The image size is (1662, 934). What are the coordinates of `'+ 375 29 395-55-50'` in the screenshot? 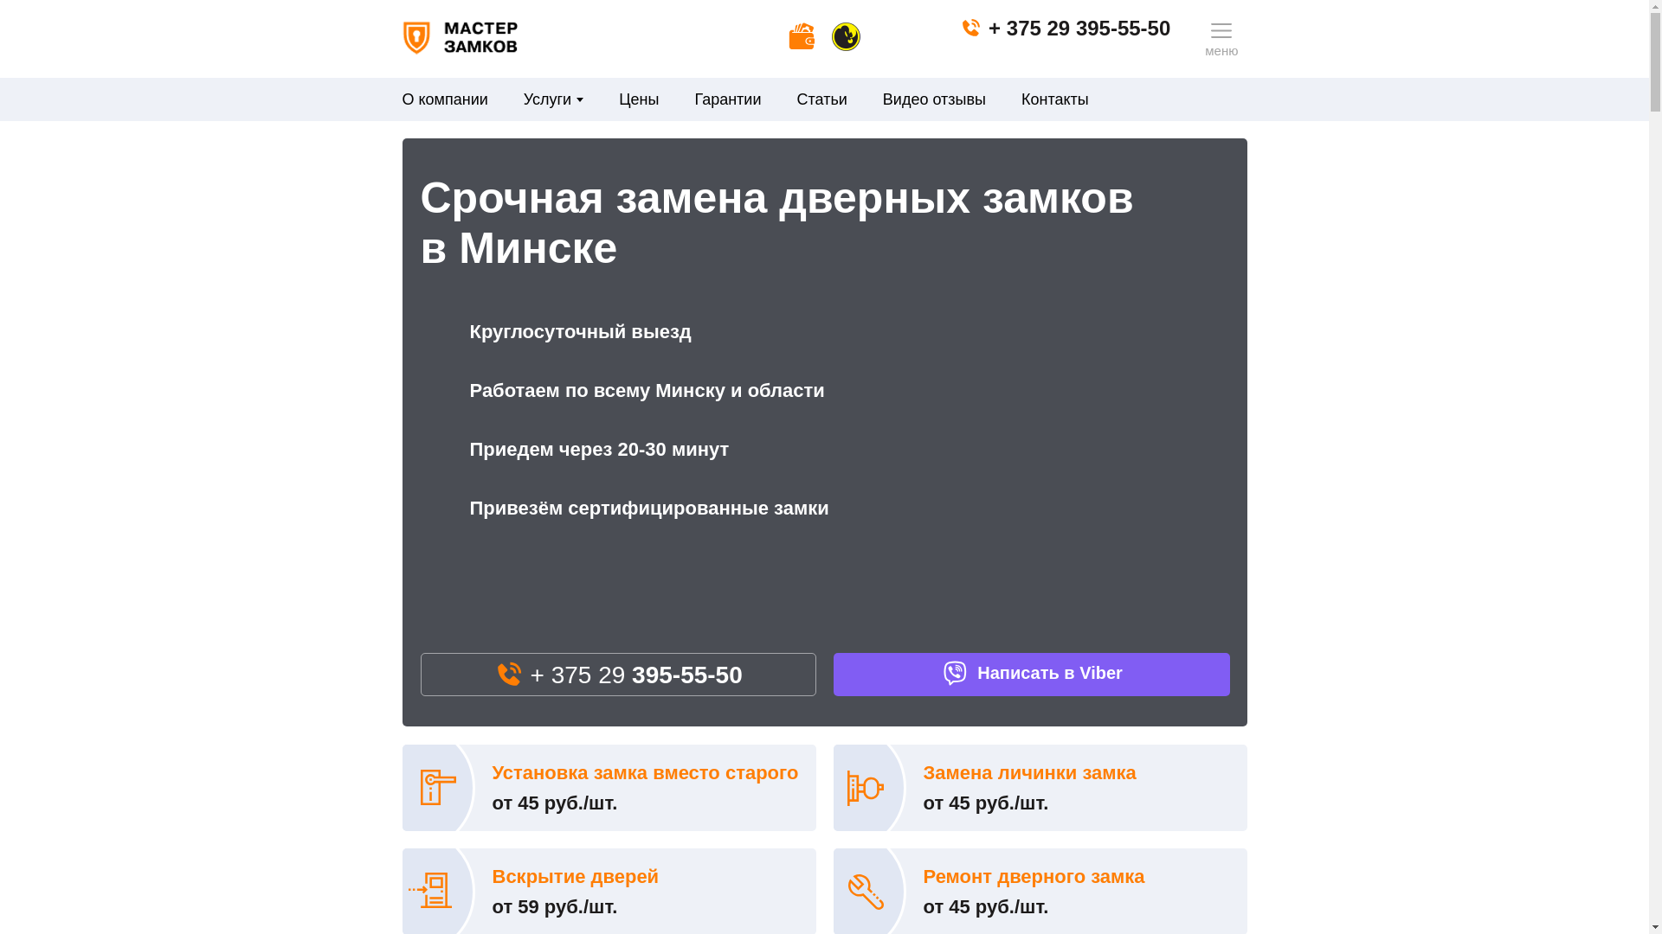 It's located at (1064, 28).